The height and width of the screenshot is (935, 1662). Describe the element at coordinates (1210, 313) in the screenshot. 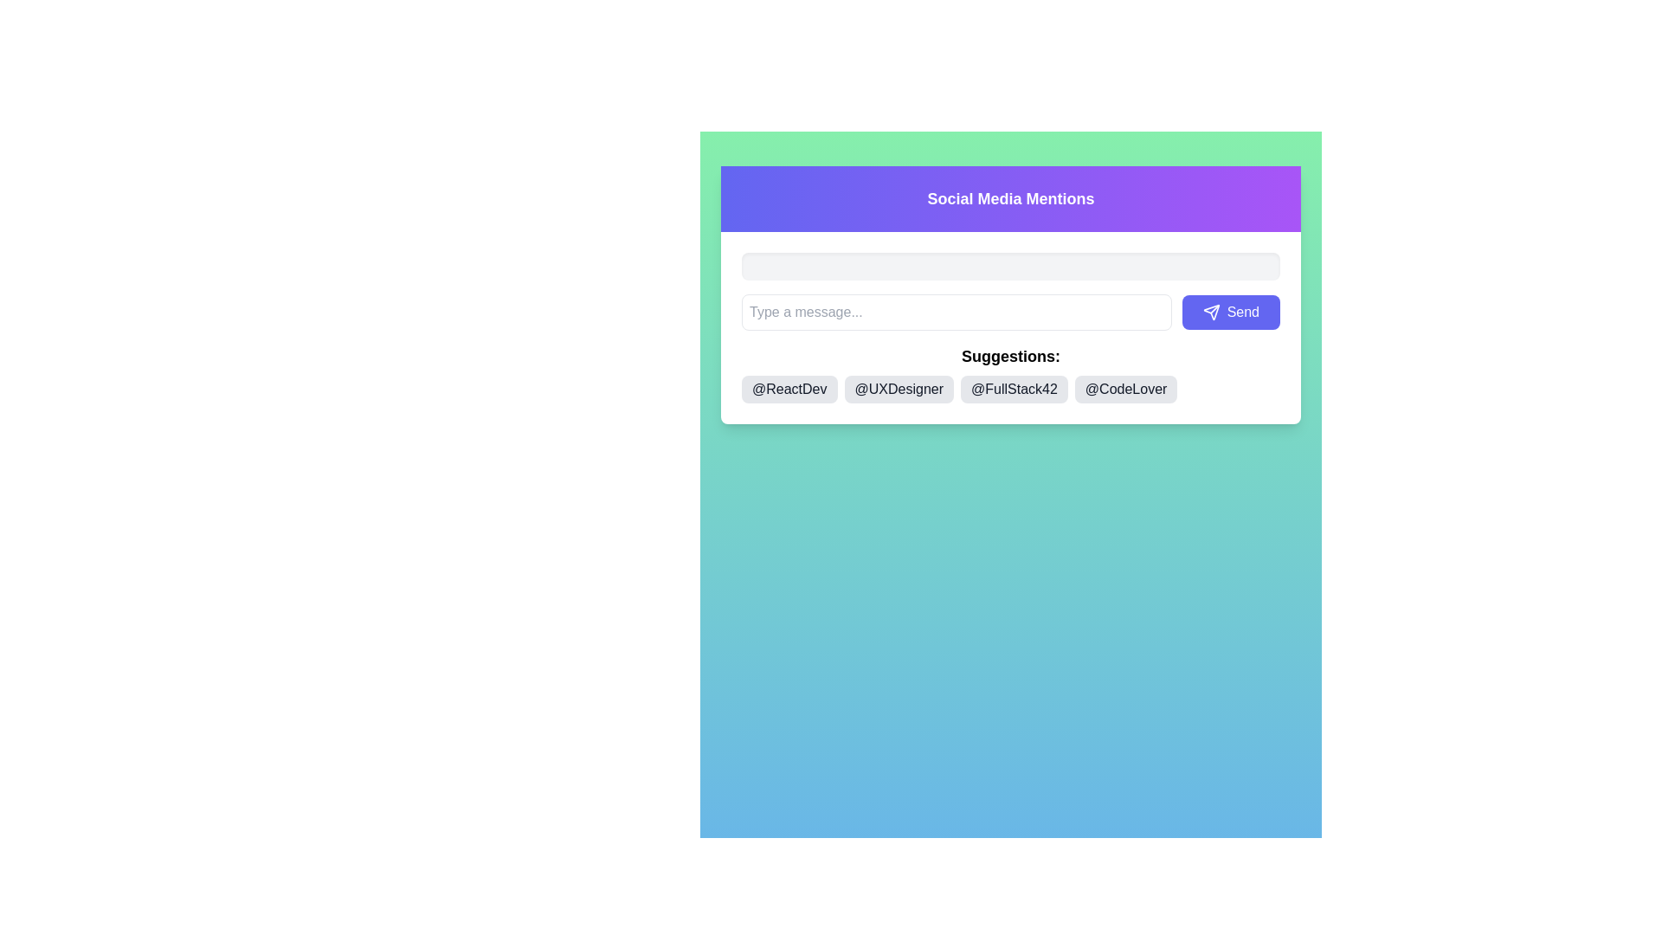

I see `the paper airplane icon located within the 'Send' button` at that location.